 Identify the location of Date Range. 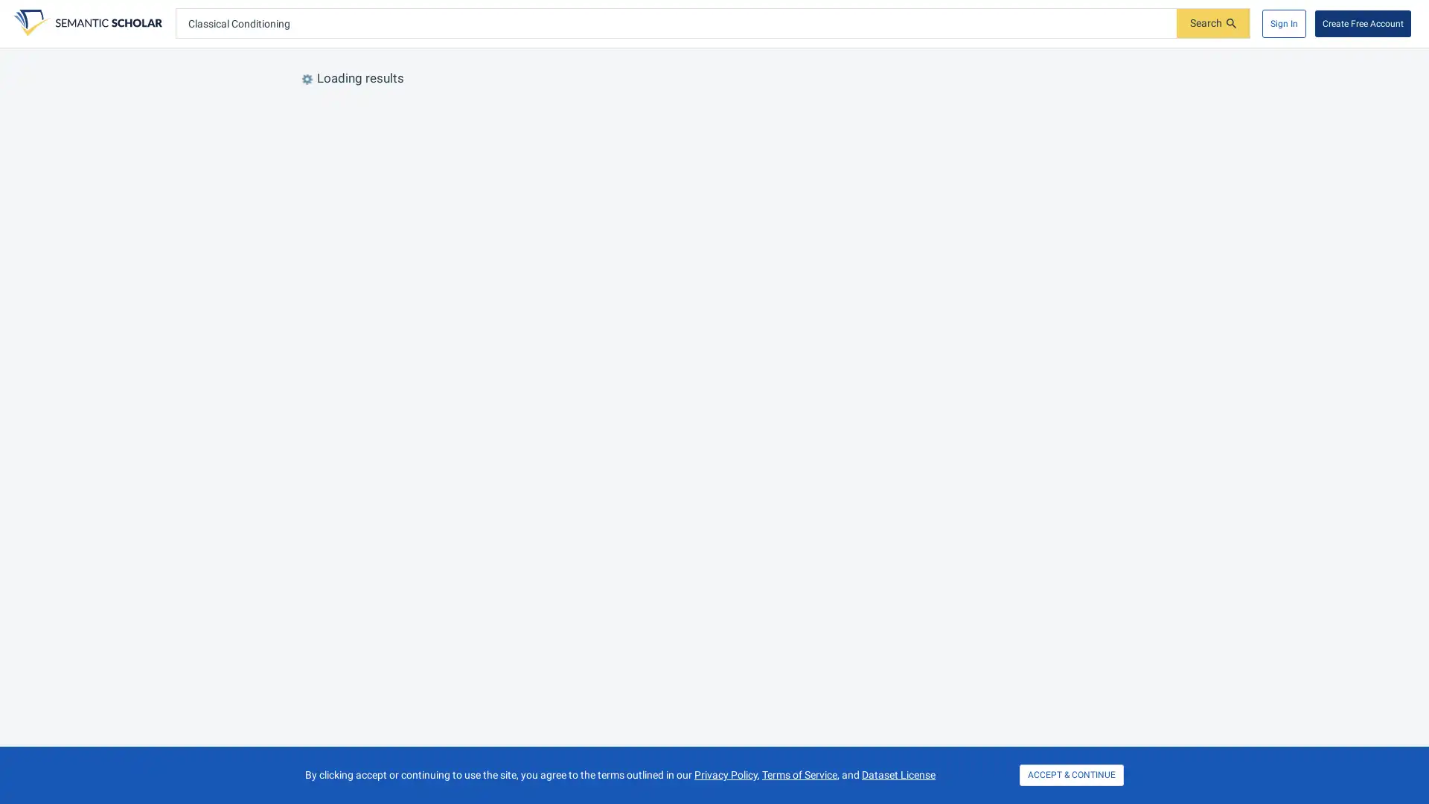
(440, 117).